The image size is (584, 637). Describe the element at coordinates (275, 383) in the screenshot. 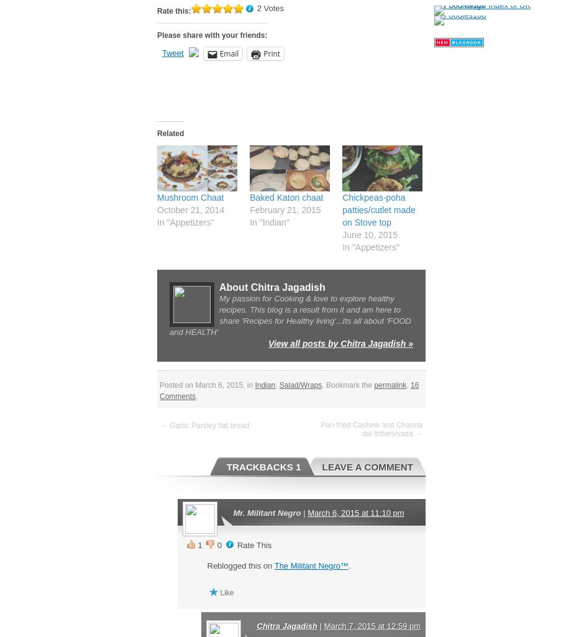

I see `','` at that location.